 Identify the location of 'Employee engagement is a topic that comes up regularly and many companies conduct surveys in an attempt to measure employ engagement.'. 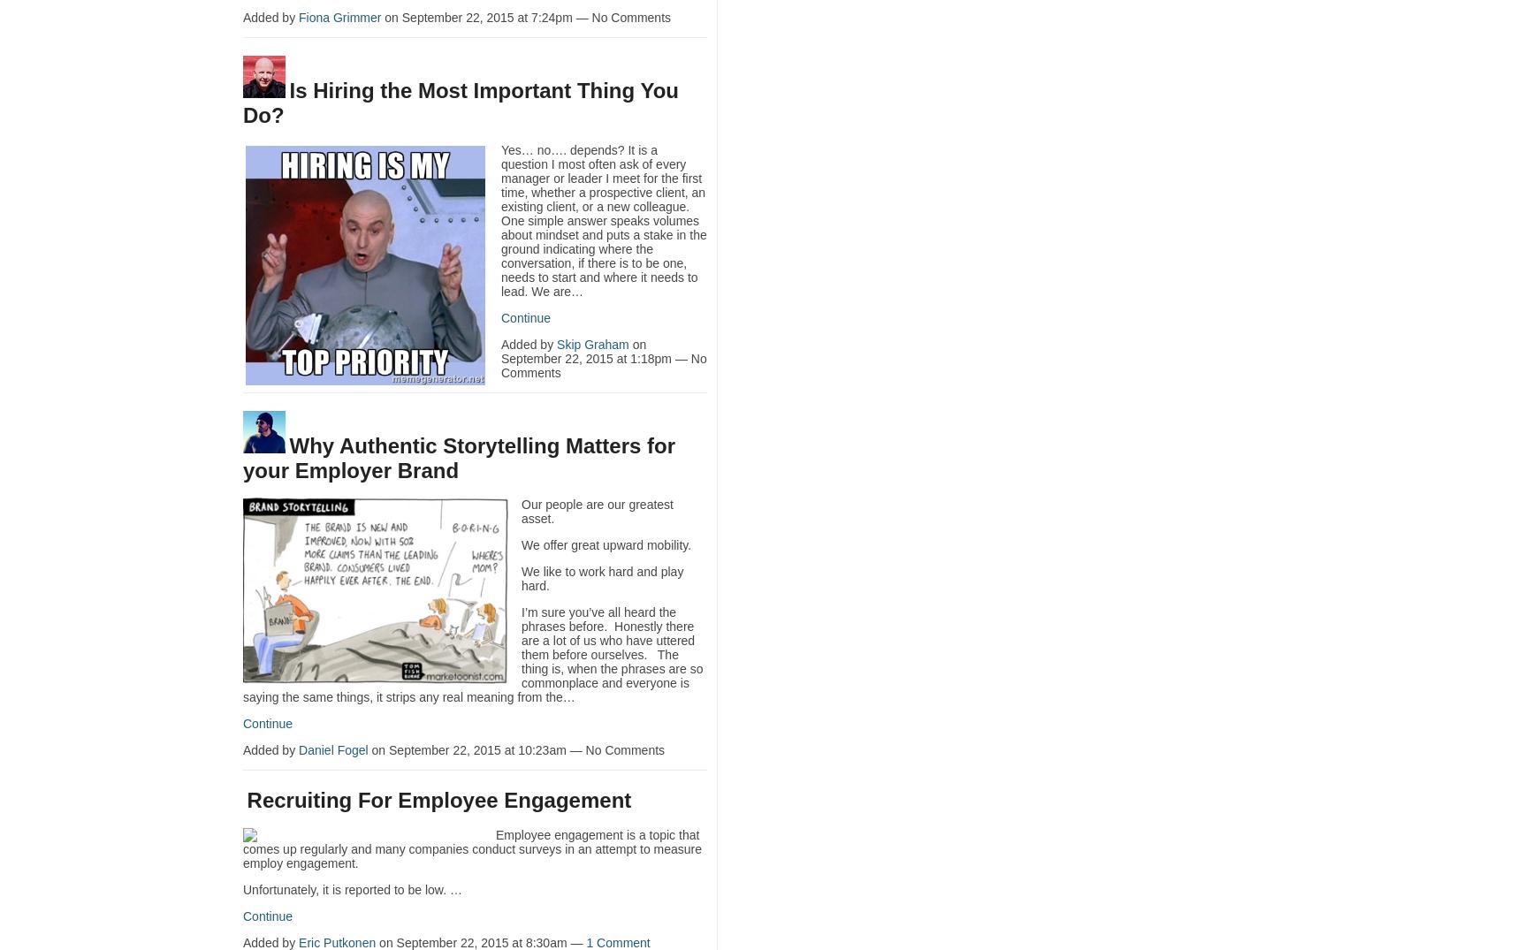
(472, 847).